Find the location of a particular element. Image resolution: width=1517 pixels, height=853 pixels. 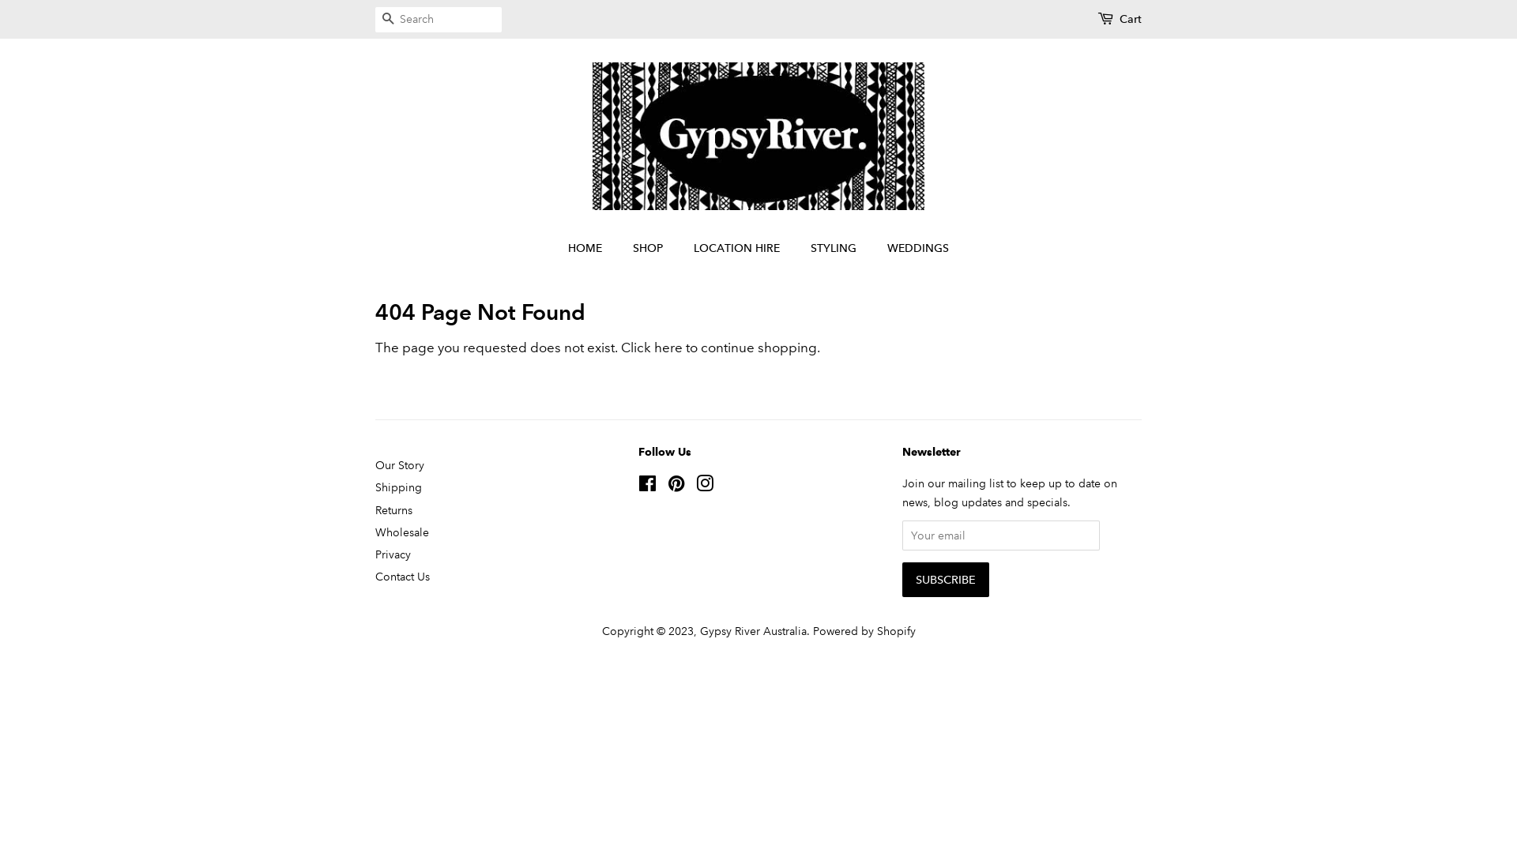

'Gypsy River Australia' is located at coordinates (752, 629).